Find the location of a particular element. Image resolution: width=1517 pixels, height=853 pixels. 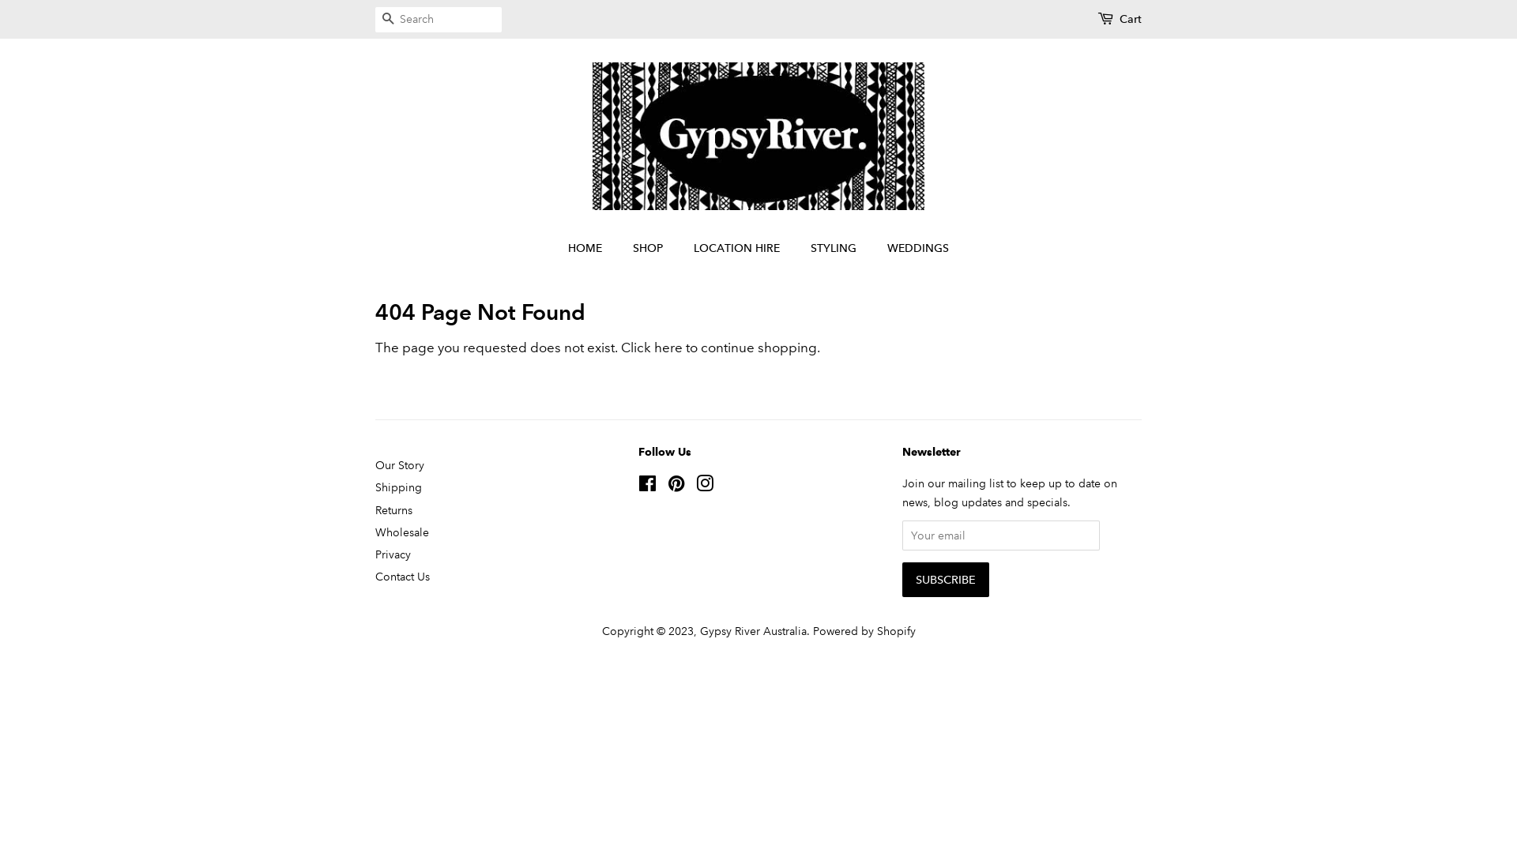

'Gypsy River Australia' is located at coordinates (752, 629).